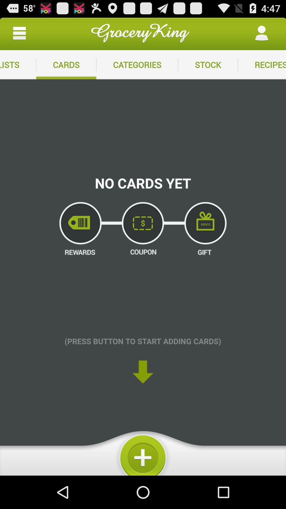 The image size is (286, 509). I want to click on the icon next to the cards icon, so click(18, 64).